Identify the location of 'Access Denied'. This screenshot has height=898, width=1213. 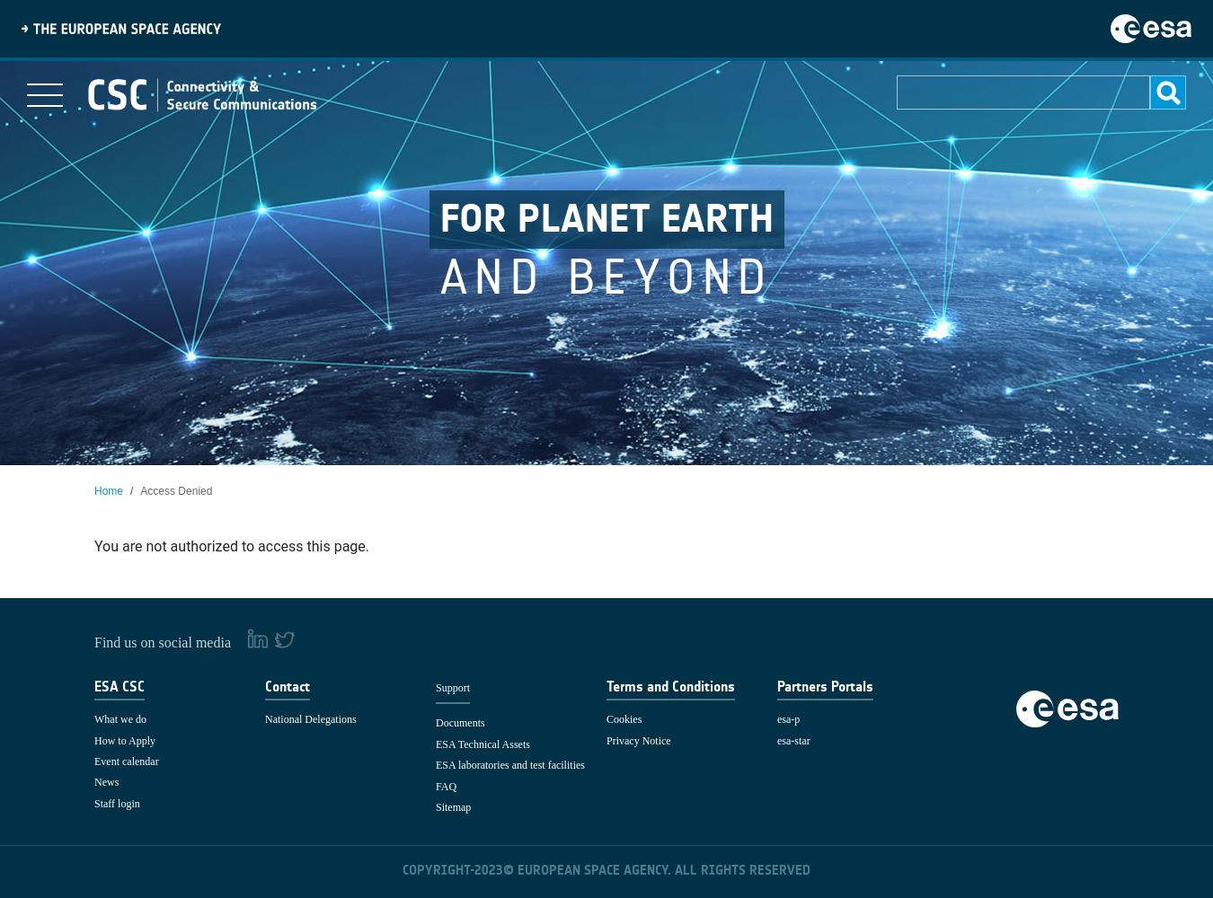
(176, 491).